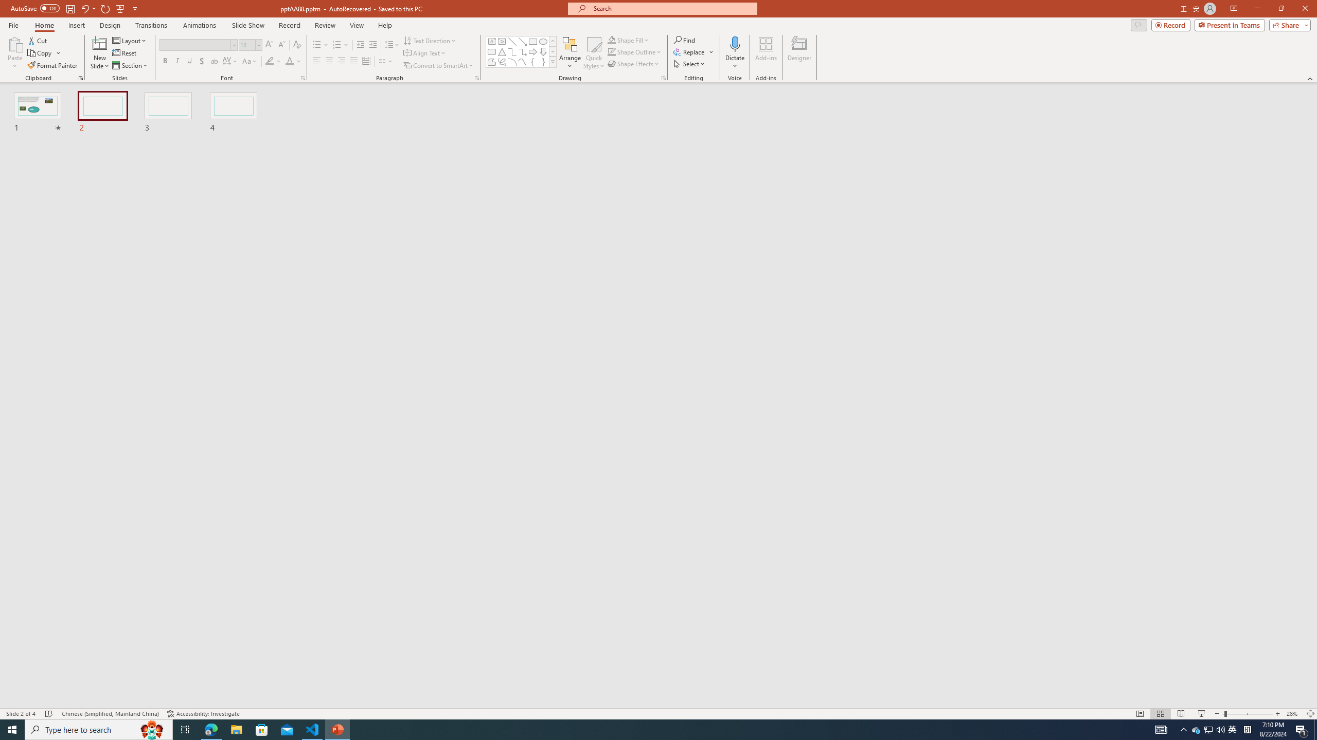 This screenshot has height=740, width=1317. What do you see at coordinates (511, 51) in the screenshot?
I see `'Connector: Elbow'` at bounding box center [511, 51].